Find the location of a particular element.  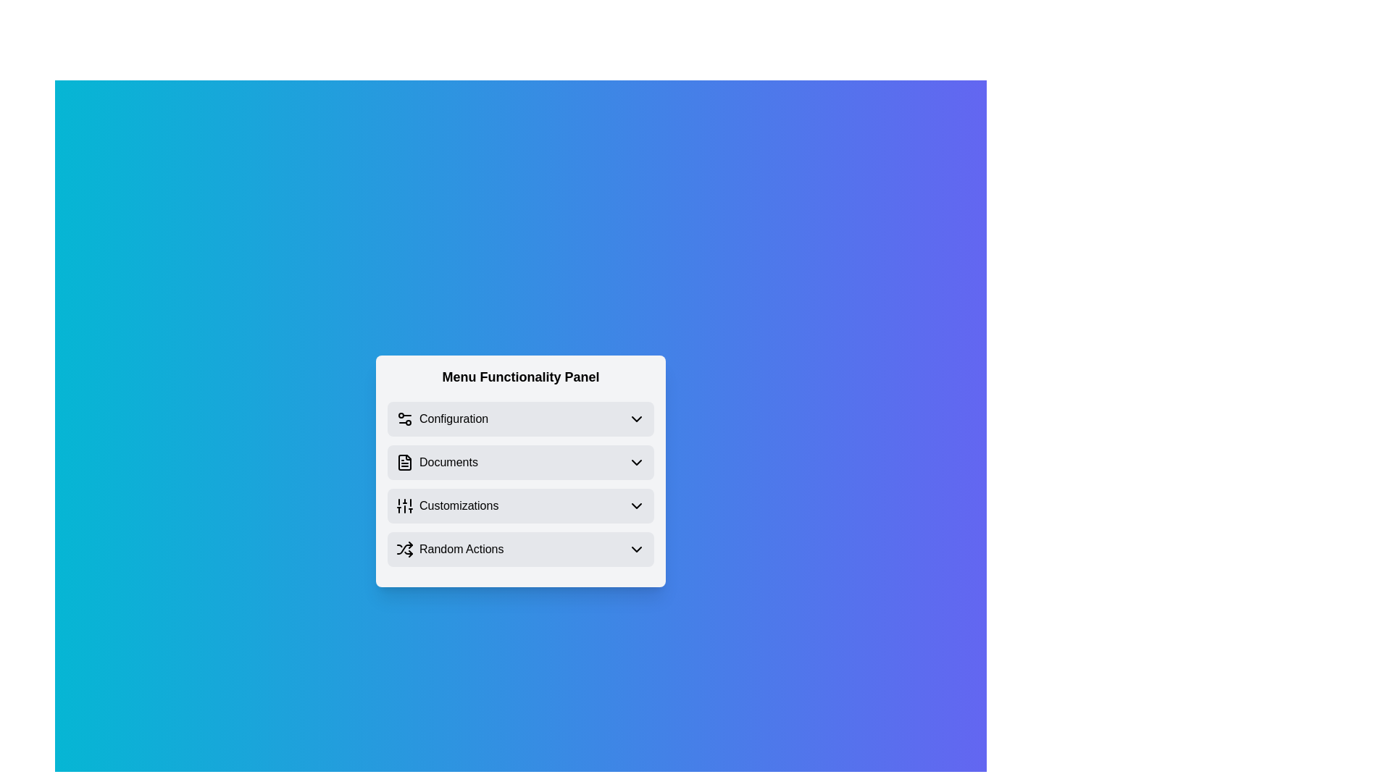

the menu item Documents to observe its hover effect is located at coordinates (521, 463).